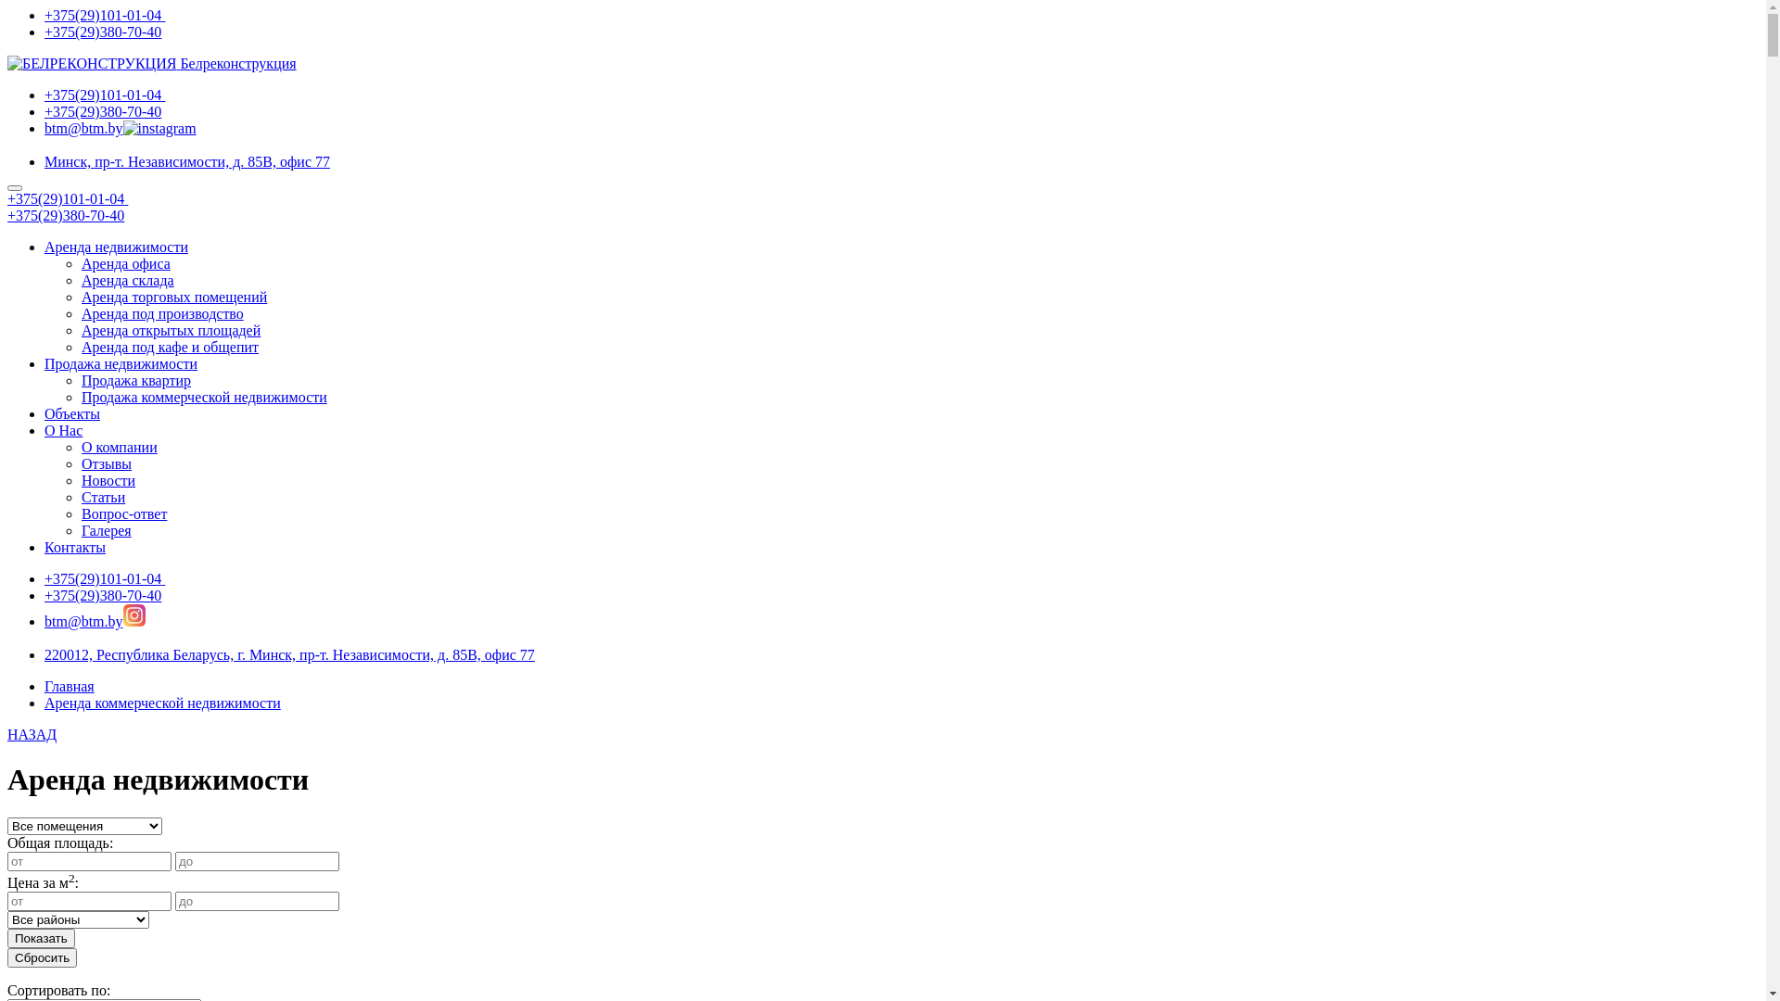  Describe the element at coordinates (66, 214) in the screenshot. I see `'+375(29)380-70-40'` at that location.